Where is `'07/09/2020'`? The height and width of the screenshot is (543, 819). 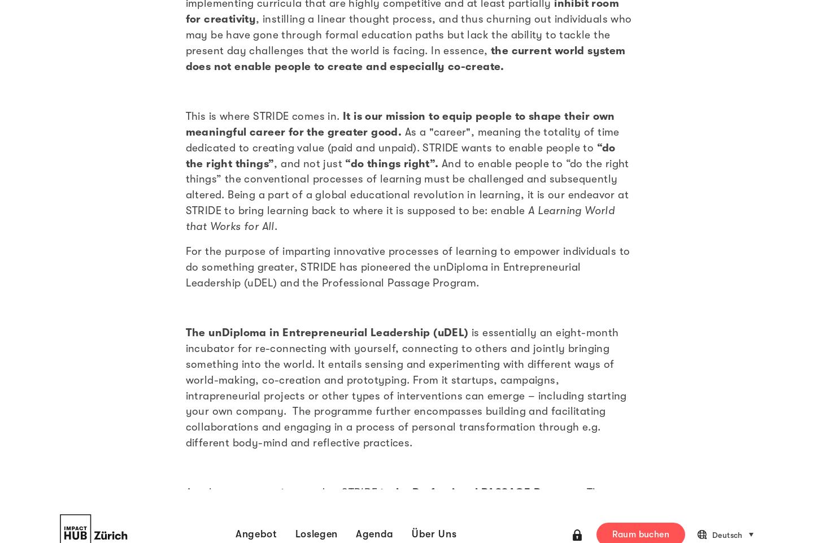
'07/09/2020' is located at coordinates (345, 9).